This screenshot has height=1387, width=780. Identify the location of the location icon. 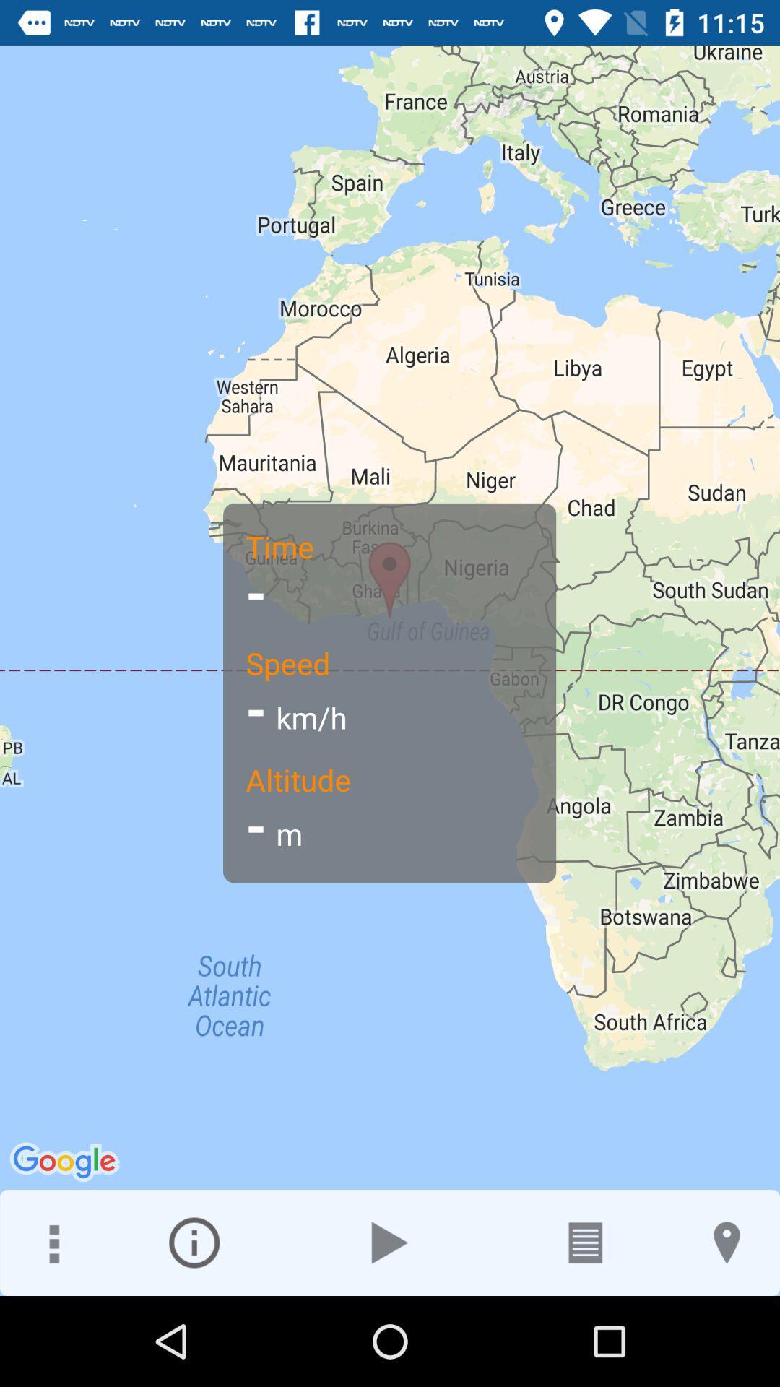
(727, 1242).